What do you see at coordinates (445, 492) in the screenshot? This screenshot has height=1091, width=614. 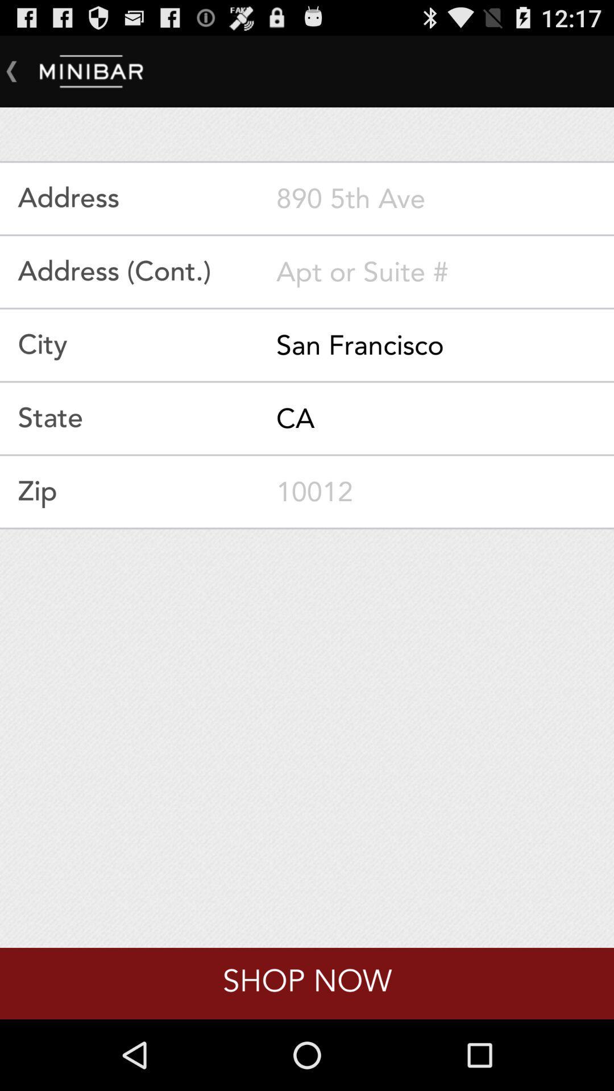 I see `your zipcode` at bounding box center [445, 492].